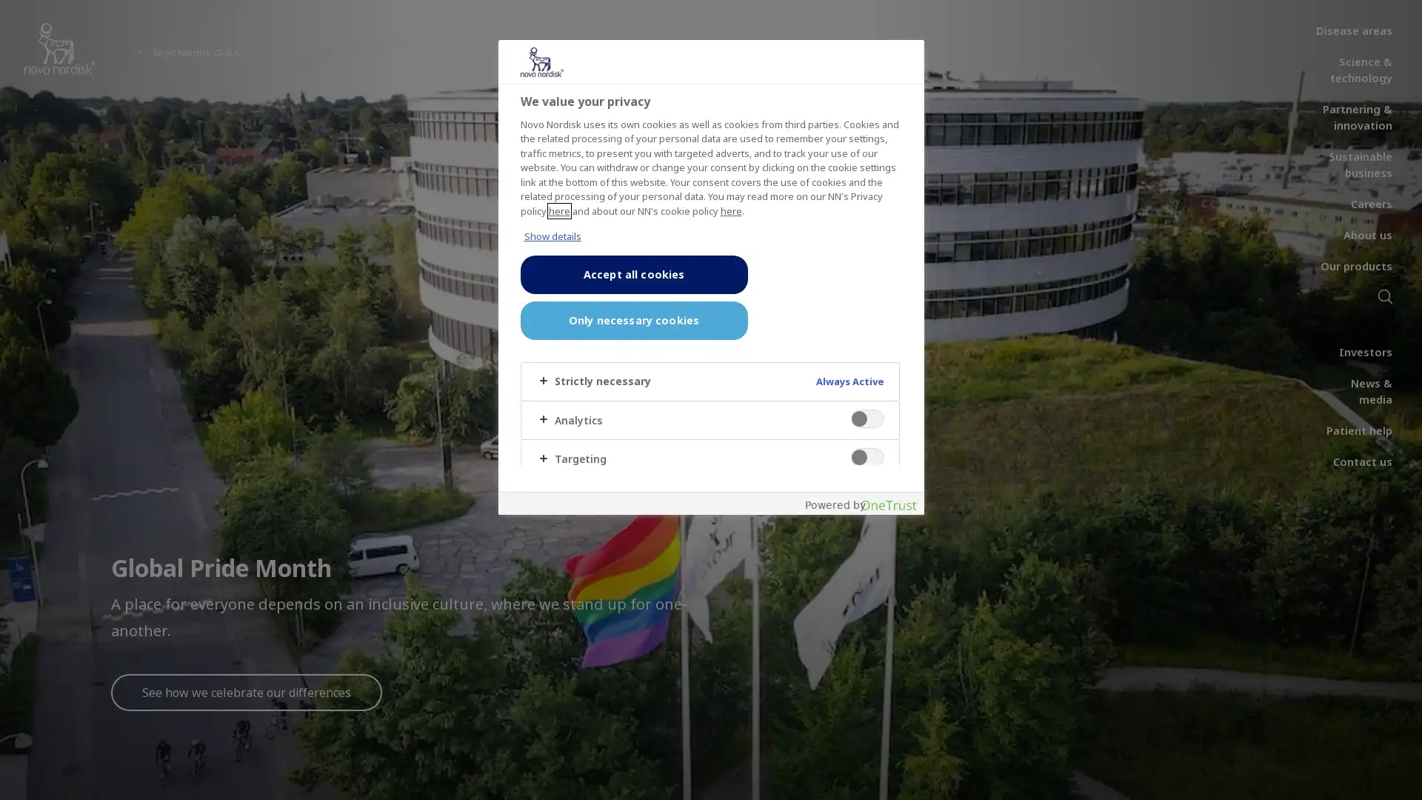 The image size is (1422, 800). I want to click on Targeting, so click(709, 458).